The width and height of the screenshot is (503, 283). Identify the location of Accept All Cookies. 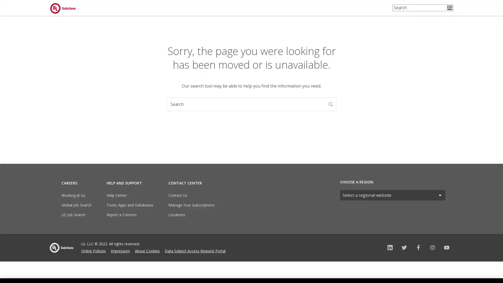
(404, 268).